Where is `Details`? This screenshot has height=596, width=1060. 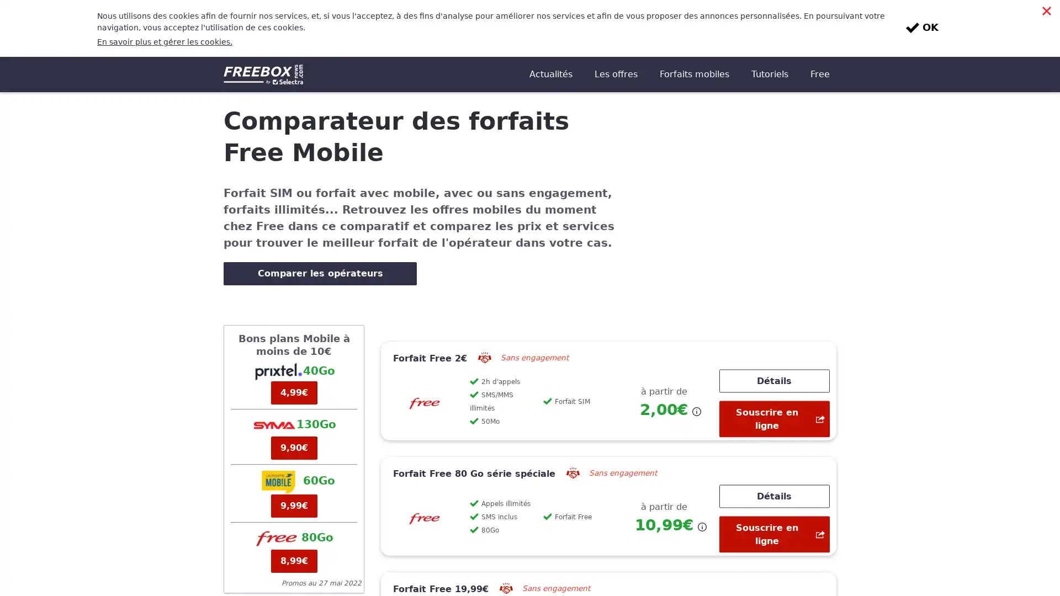 Details is located at coordinates (773, 554).